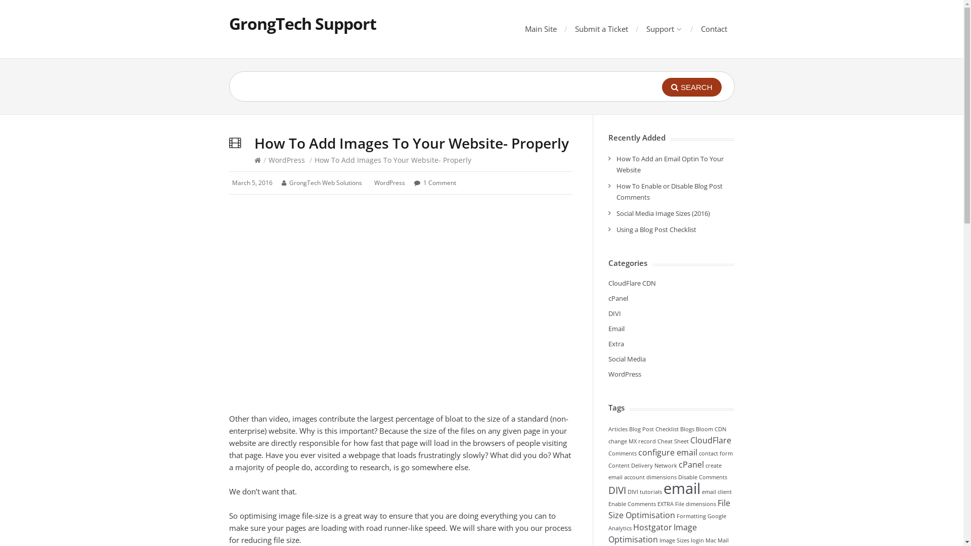  Describe the element at coordinates (616, 429) in the screenshot. I see `'Articles'` at that location.